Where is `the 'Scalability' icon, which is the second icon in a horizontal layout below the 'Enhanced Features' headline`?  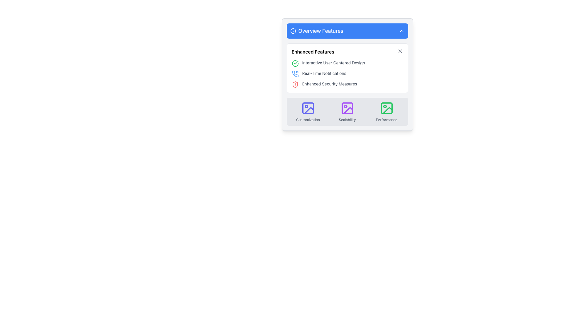
the 'Scalability' icon, which is the second icon in a horizontal layout below the 'Enhanced Features' headline is located at coordinates (347, 108).